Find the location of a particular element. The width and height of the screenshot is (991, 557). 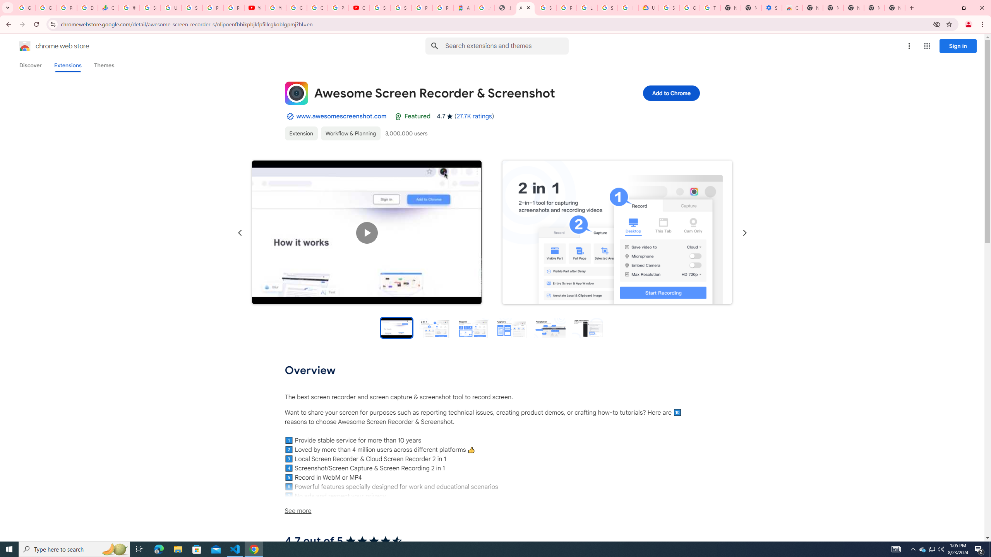

'YouTube' is located at coordinates (275, 7).